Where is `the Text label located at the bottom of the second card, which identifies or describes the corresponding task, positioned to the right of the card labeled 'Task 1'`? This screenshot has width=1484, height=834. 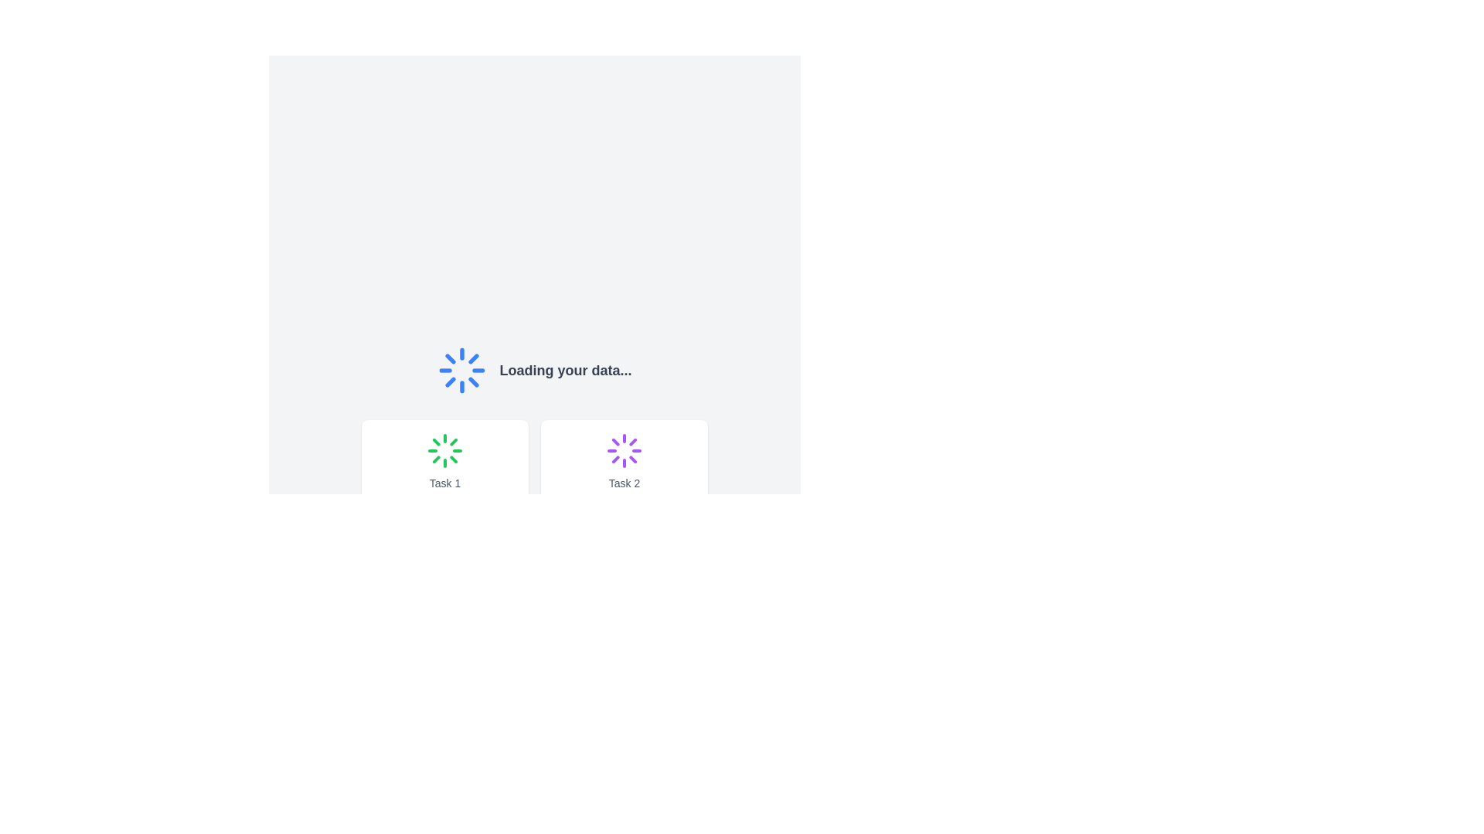 the Text label located at the bottom of the second card, which identifies or describes the corresponding task, positioned to the right of the card labeled 'Task 1' is located at coordinates (624, 482).